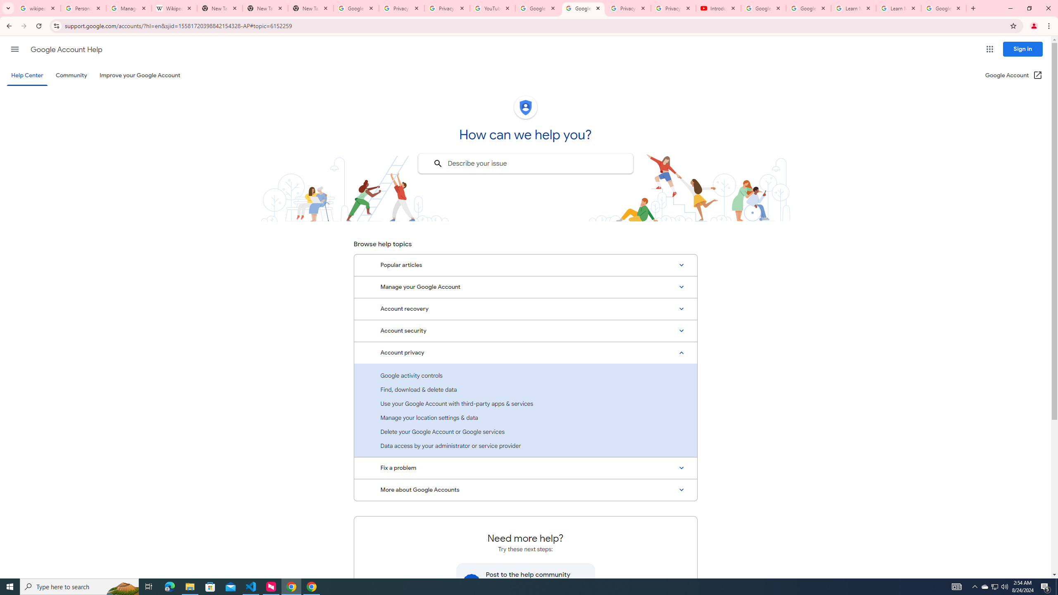  I want to click on 'Data access by your administrator or service provider', so click(525, 446).